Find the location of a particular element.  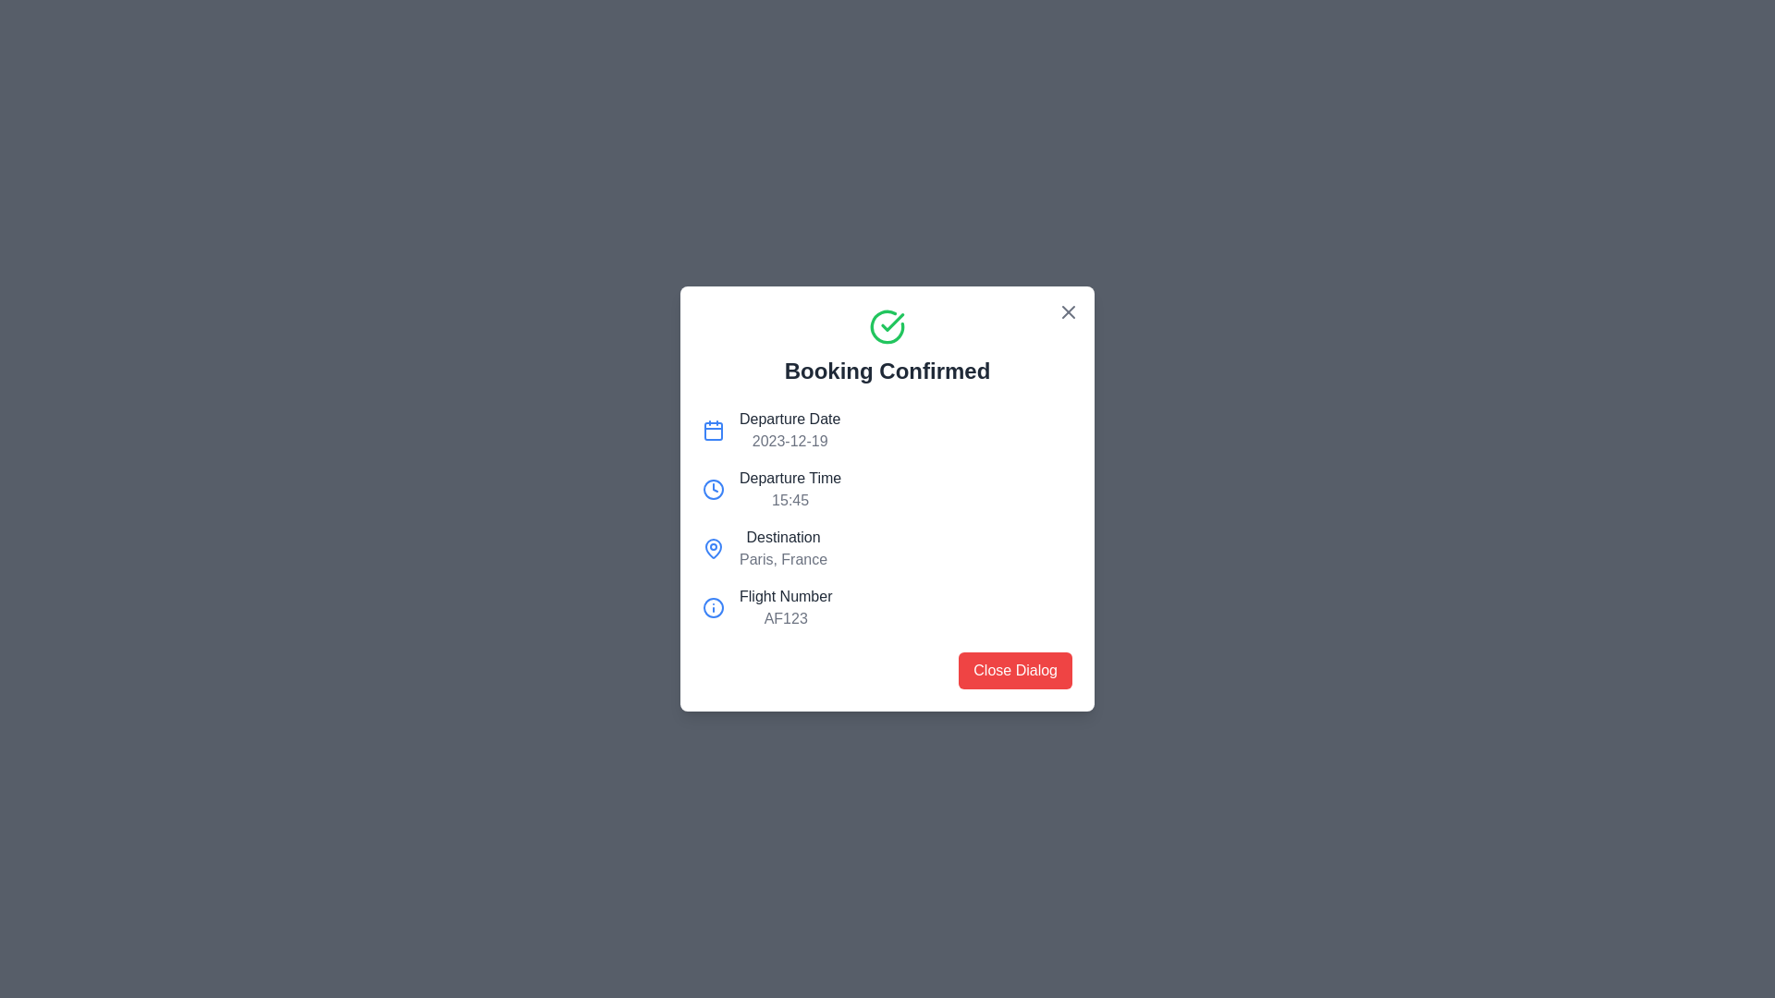

the circular green outlined icon with a white background and green checkmark, located at the top-center of the dialog box above the text 'Booking Confirmed' is located at coordinates (887, 326).